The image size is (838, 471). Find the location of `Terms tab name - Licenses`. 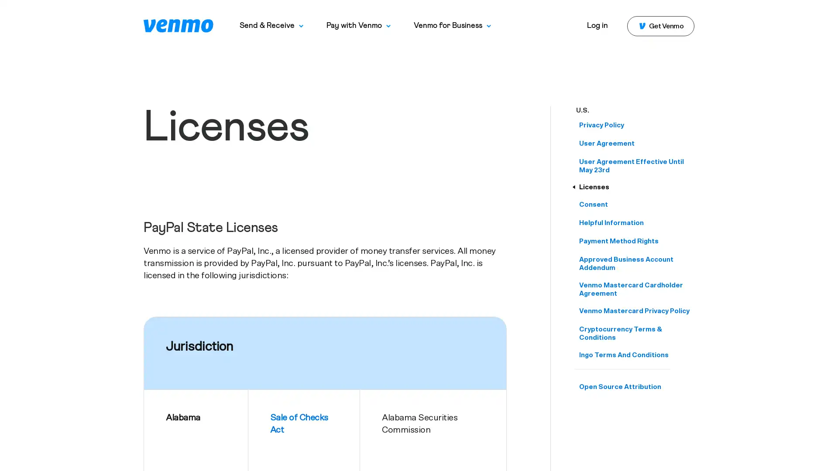

Terms tab name - Licenses is located at coordinates (636, 187).